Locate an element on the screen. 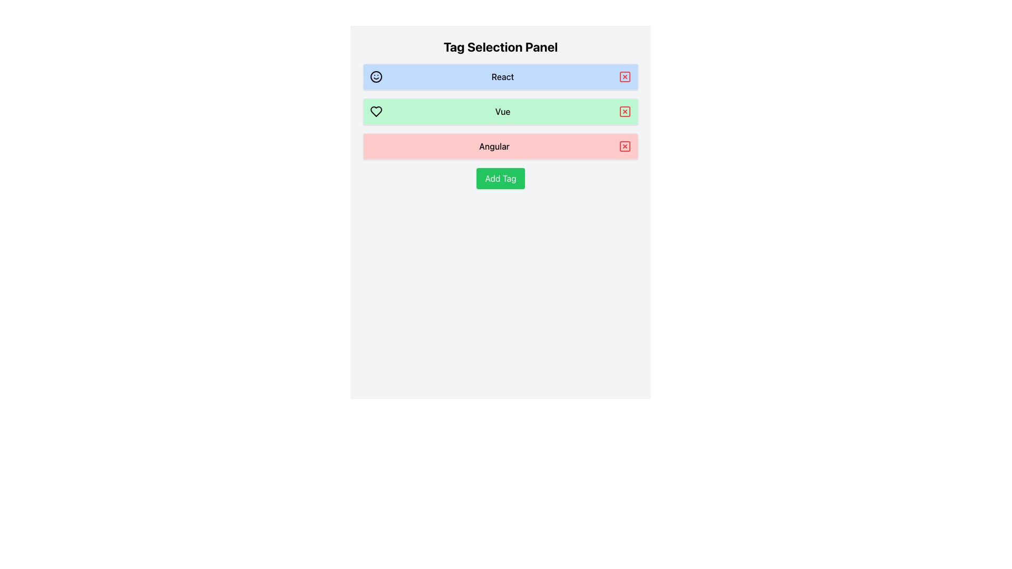  the active Tag item representing the Angular framework, which is the third item in a vertical list of three tags, to select it is located at coordinates (500, 146).